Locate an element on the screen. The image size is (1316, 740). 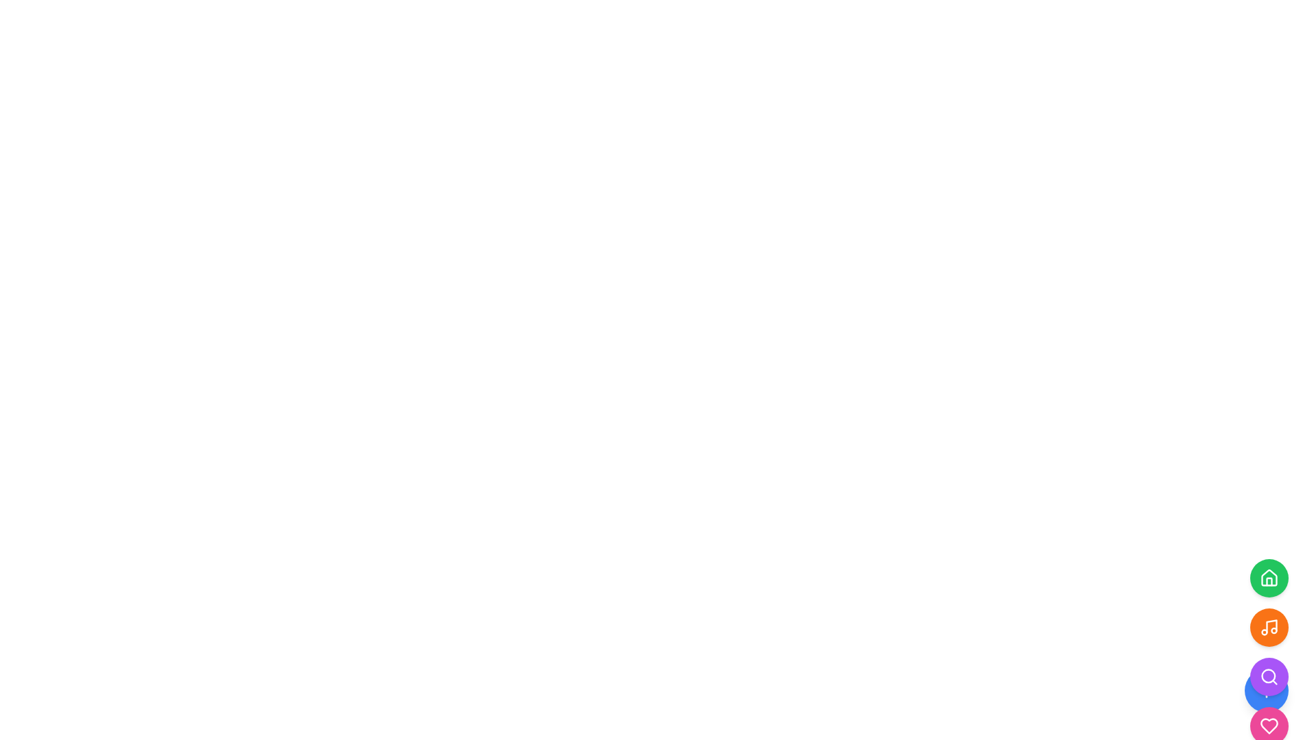
the orange circular button with a musical note icon is located at coordinates (1269, 627).